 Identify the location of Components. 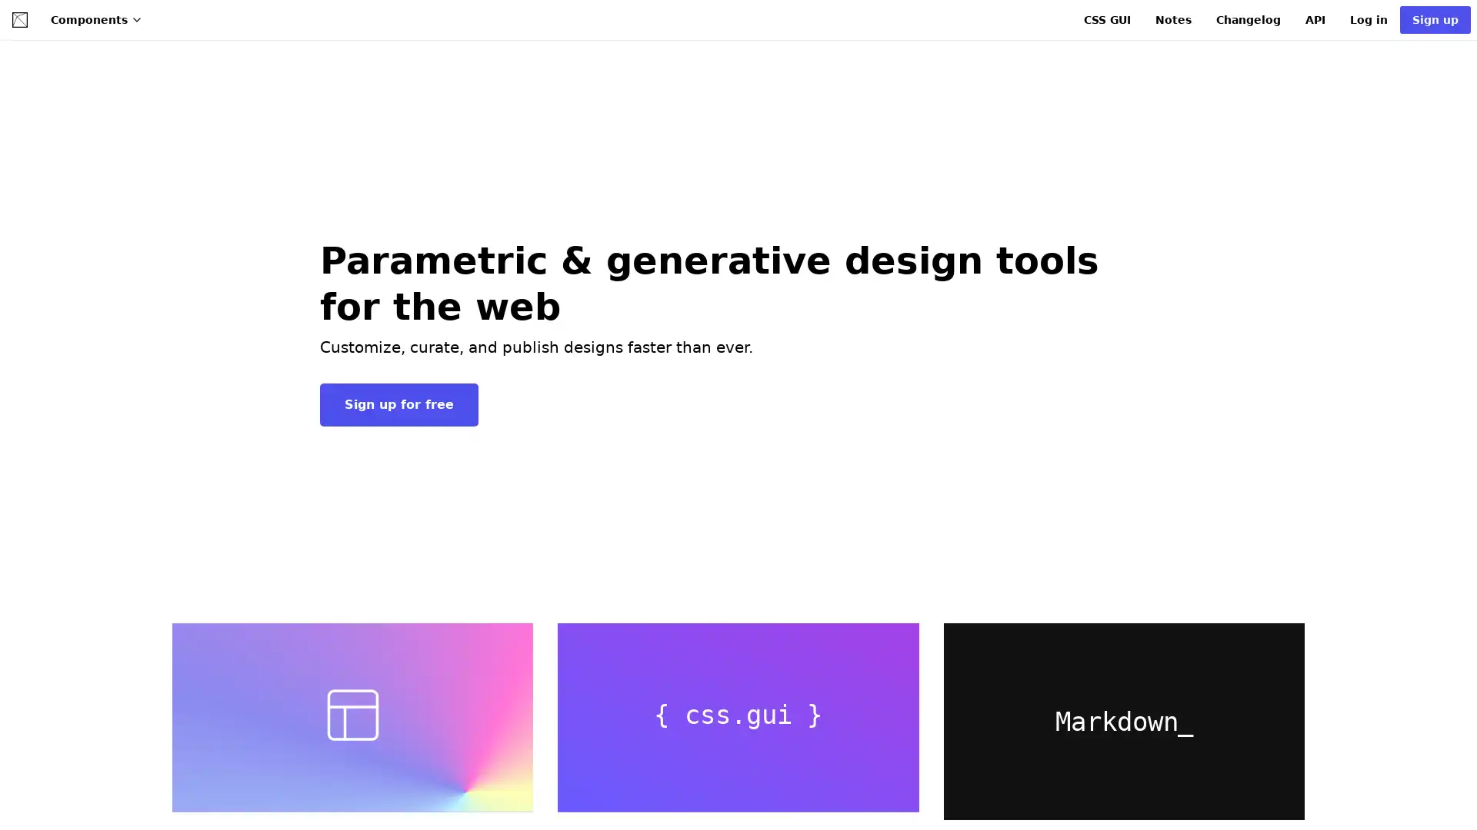
(95, 20).